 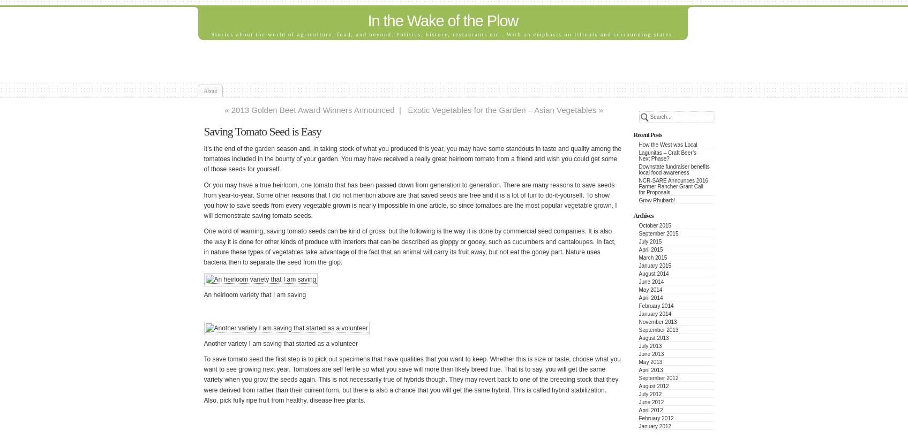 What do you see at coordinates (667, 145) in the screenshot?
I see `'How the West was Local'` at bounding box center [667, 145].